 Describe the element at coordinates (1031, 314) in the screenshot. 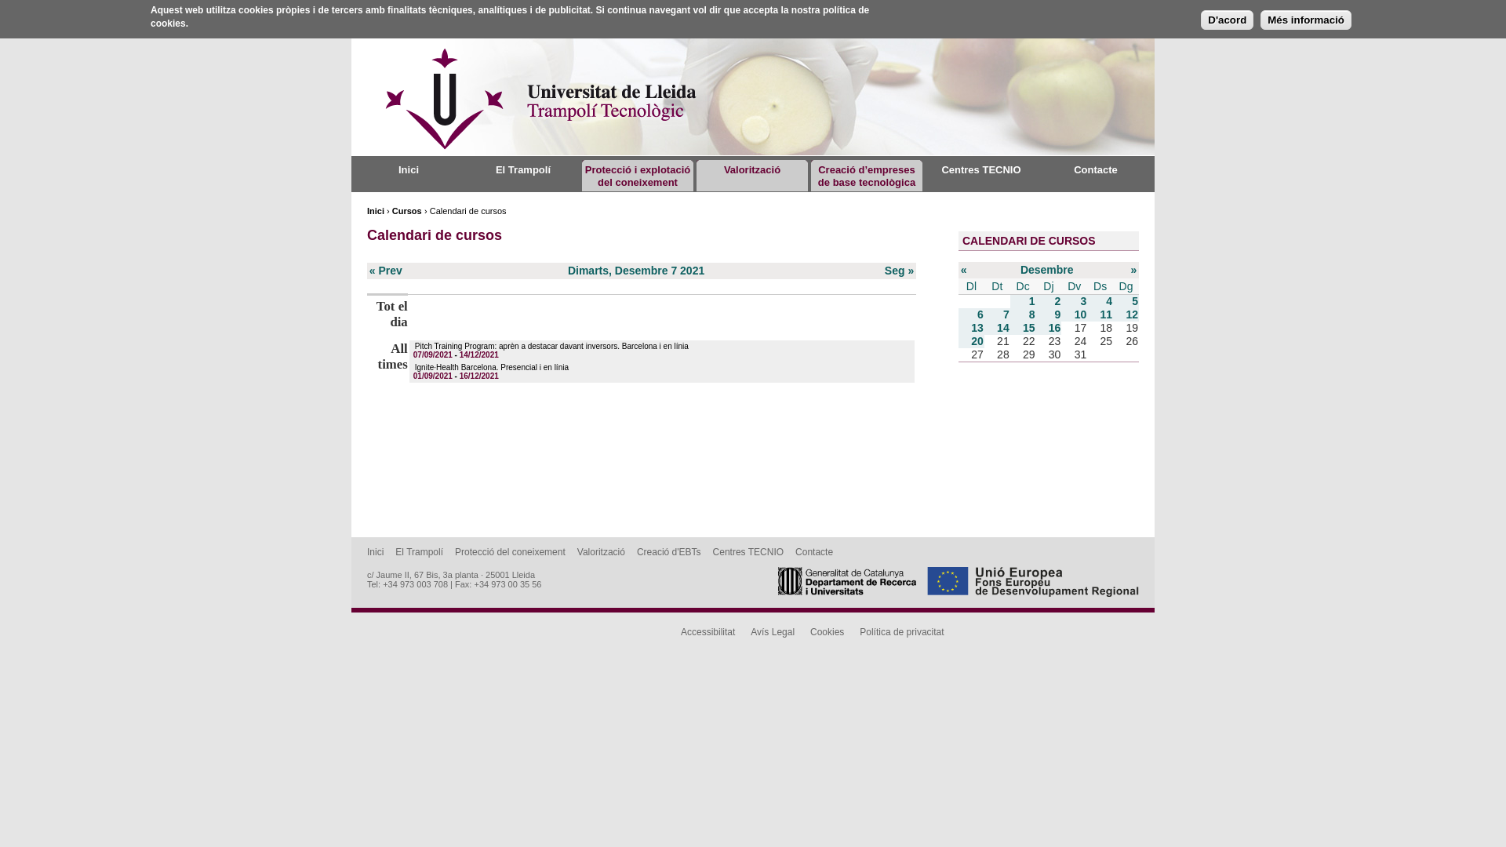

I see `'8'` at that location.